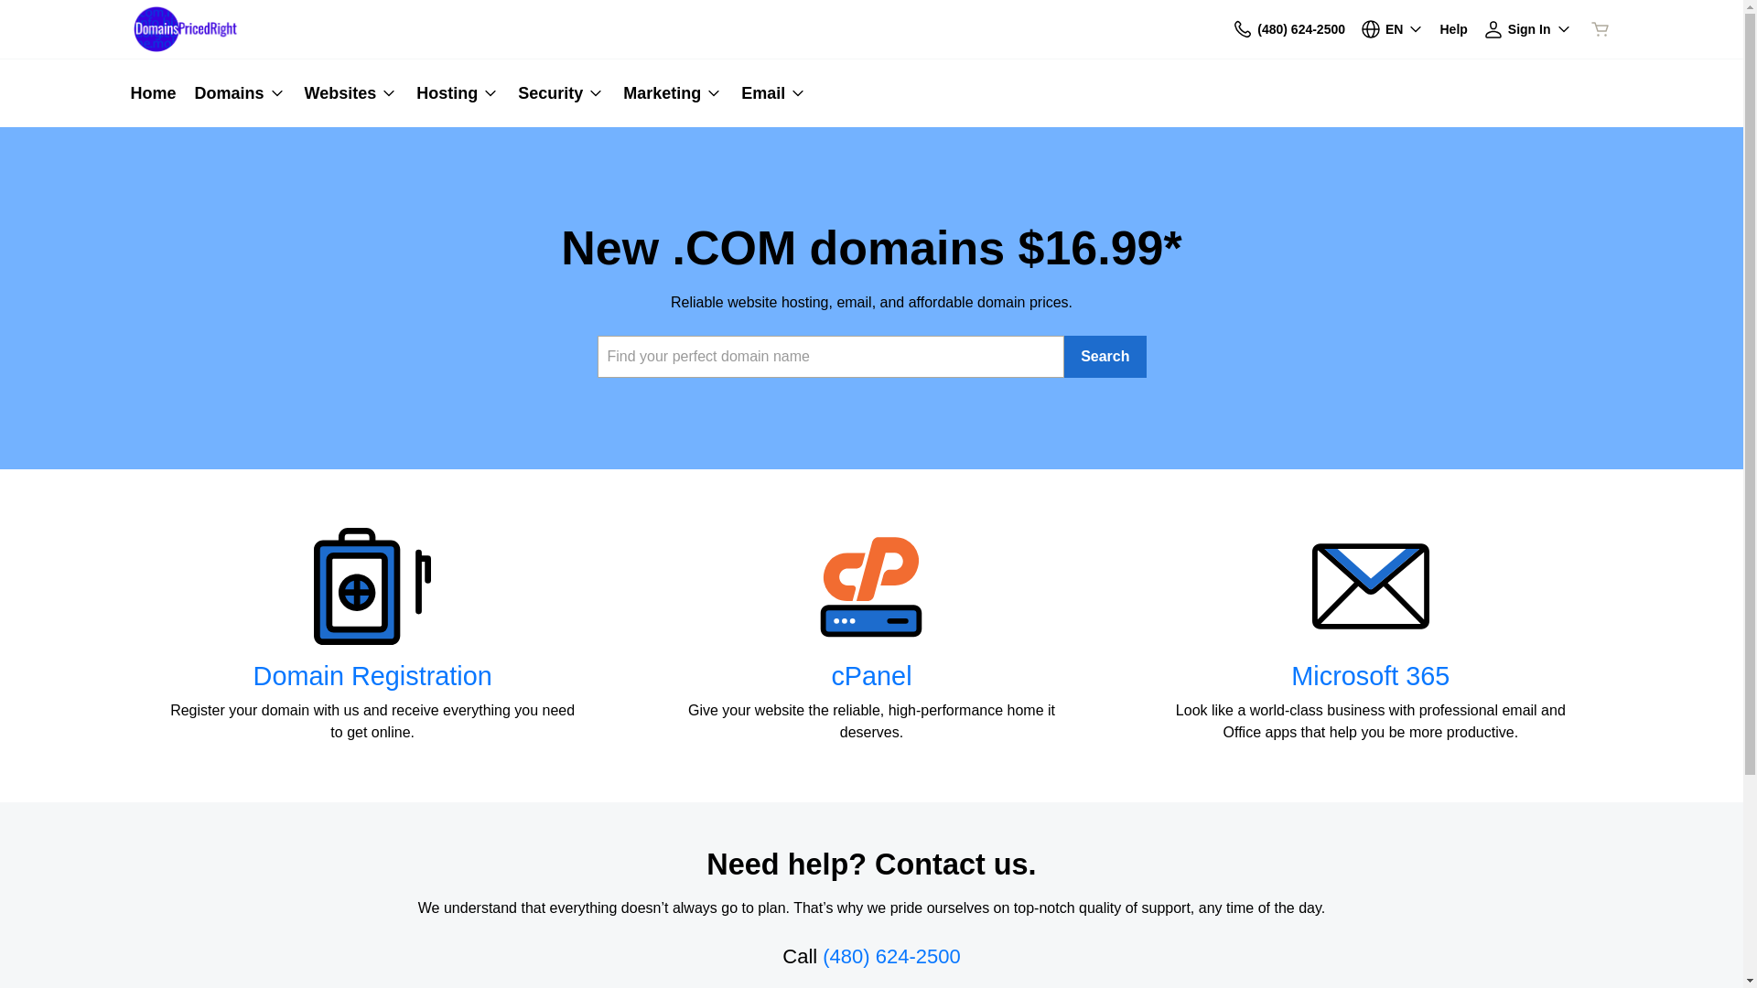 This screenshot has height=988, width=1757. Describe the element at coordinates (1370, 676) in the screenshot. I see `'Microsoft 365'` at that location.